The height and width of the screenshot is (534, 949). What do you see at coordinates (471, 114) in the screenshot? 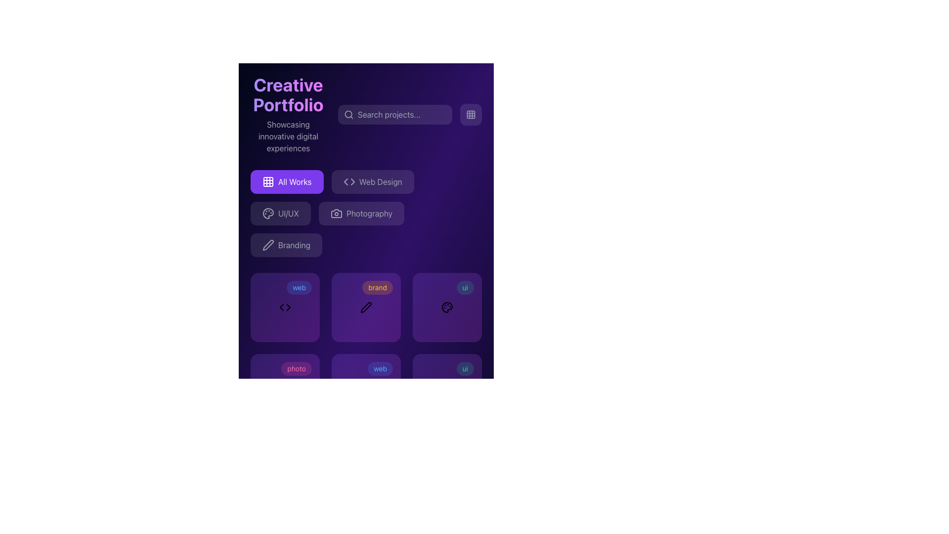
I see `the central square graphical icon element in the top-right of the interface` at bounding box center [471, 114].